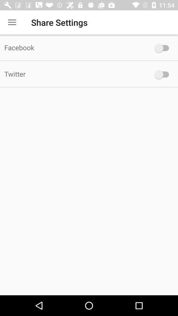 The image size is (178, 316). I want to click on the icon at the top left corner, so click(12, 22).